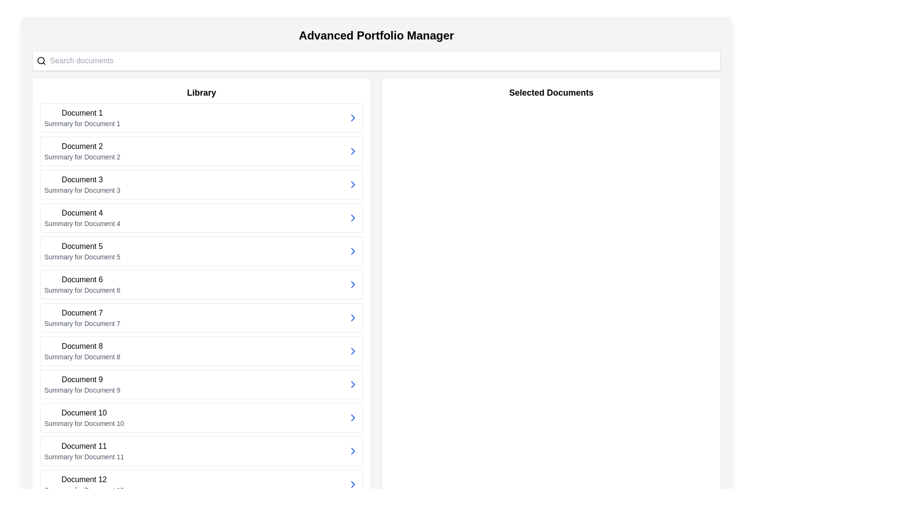  What do you see at coordinates (201, 284) in the screenshot?
I see `to select or expand details of Document 6, the sixth item in the Library listing, located centrally with 'Document 5' above and 'Document 7' below` at bounding box center [201, 284].